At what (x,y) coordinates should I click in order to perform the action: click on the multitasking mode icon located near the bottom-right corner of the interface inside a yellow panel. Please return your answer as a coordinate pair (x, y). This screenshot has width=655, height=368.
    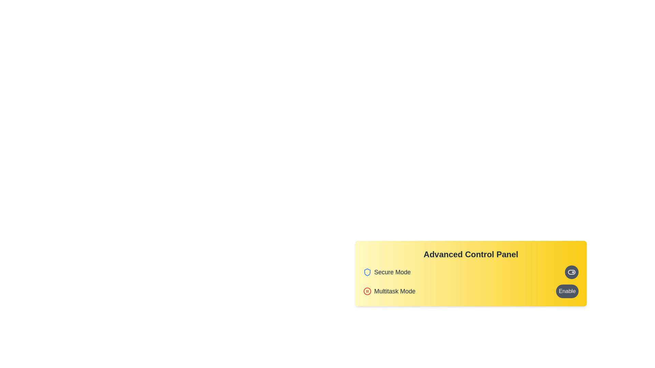
    Looking at the image, I should click on (367, 291).